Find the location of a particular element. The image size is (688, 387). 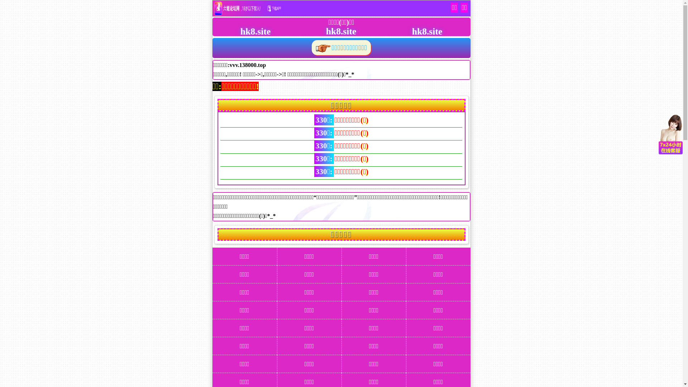

'hk8.site' is located at coordinates (248, 30).